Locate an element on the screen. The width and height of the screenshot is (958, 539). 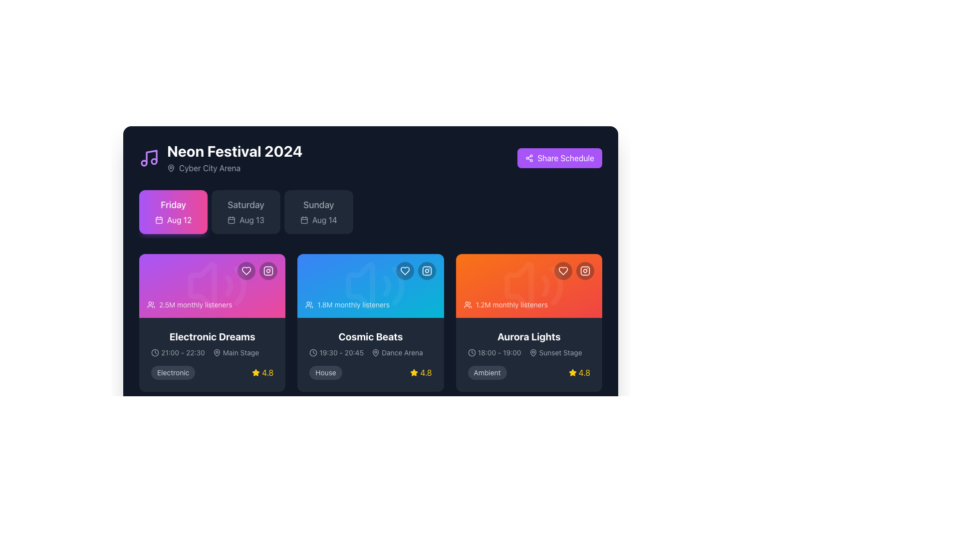
the icon representing the group of individuals within the blue card labeled '1.8M monthly listeners' is located at coordinates (309, 304).